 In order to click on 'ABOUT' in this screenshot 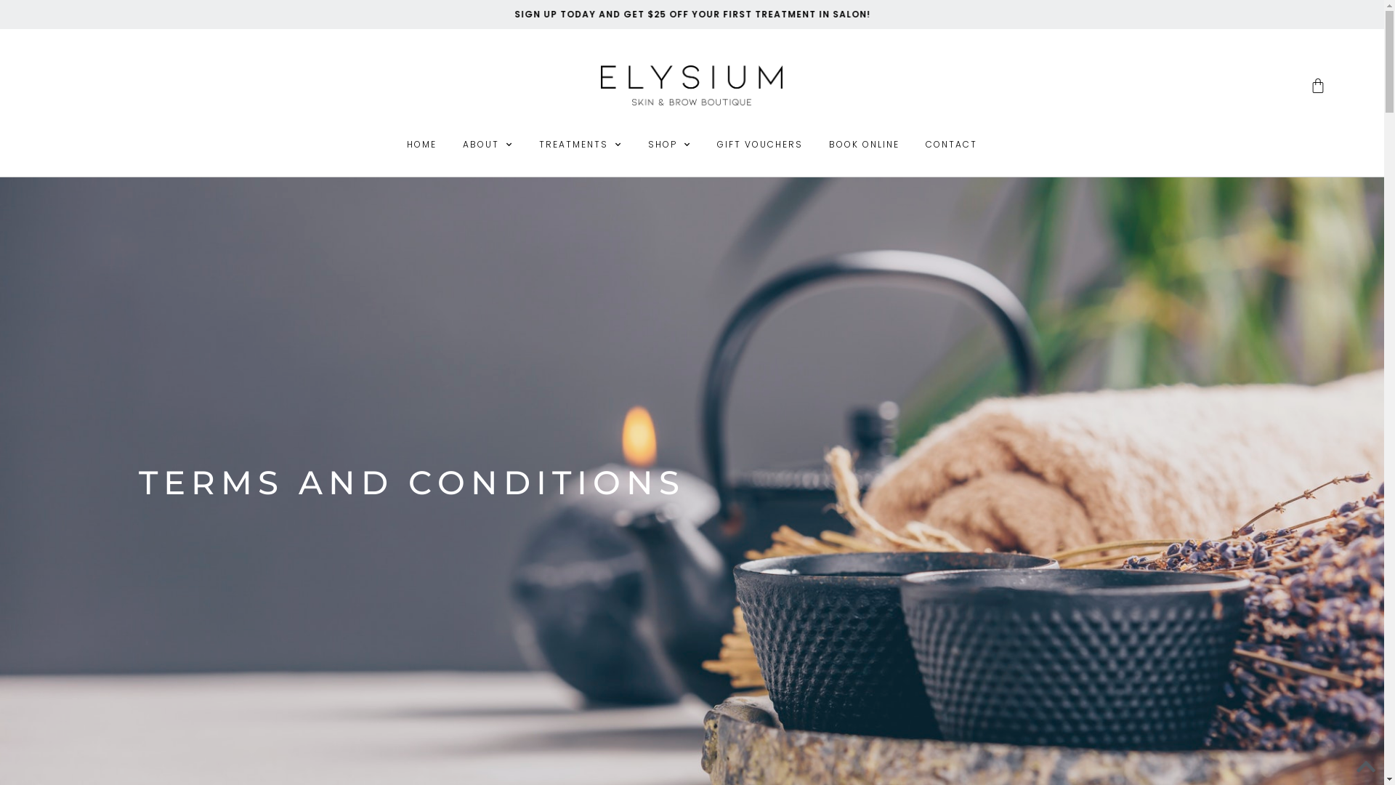, I will do `click(488, 145)`.